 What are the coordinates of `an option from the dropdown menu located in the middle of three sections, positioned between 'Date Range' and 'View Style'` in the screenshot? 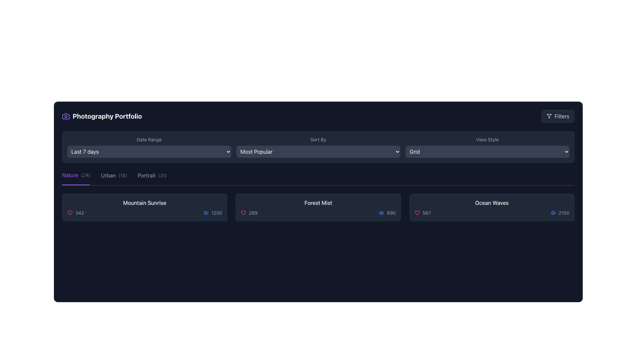 It's located at (318, 146).